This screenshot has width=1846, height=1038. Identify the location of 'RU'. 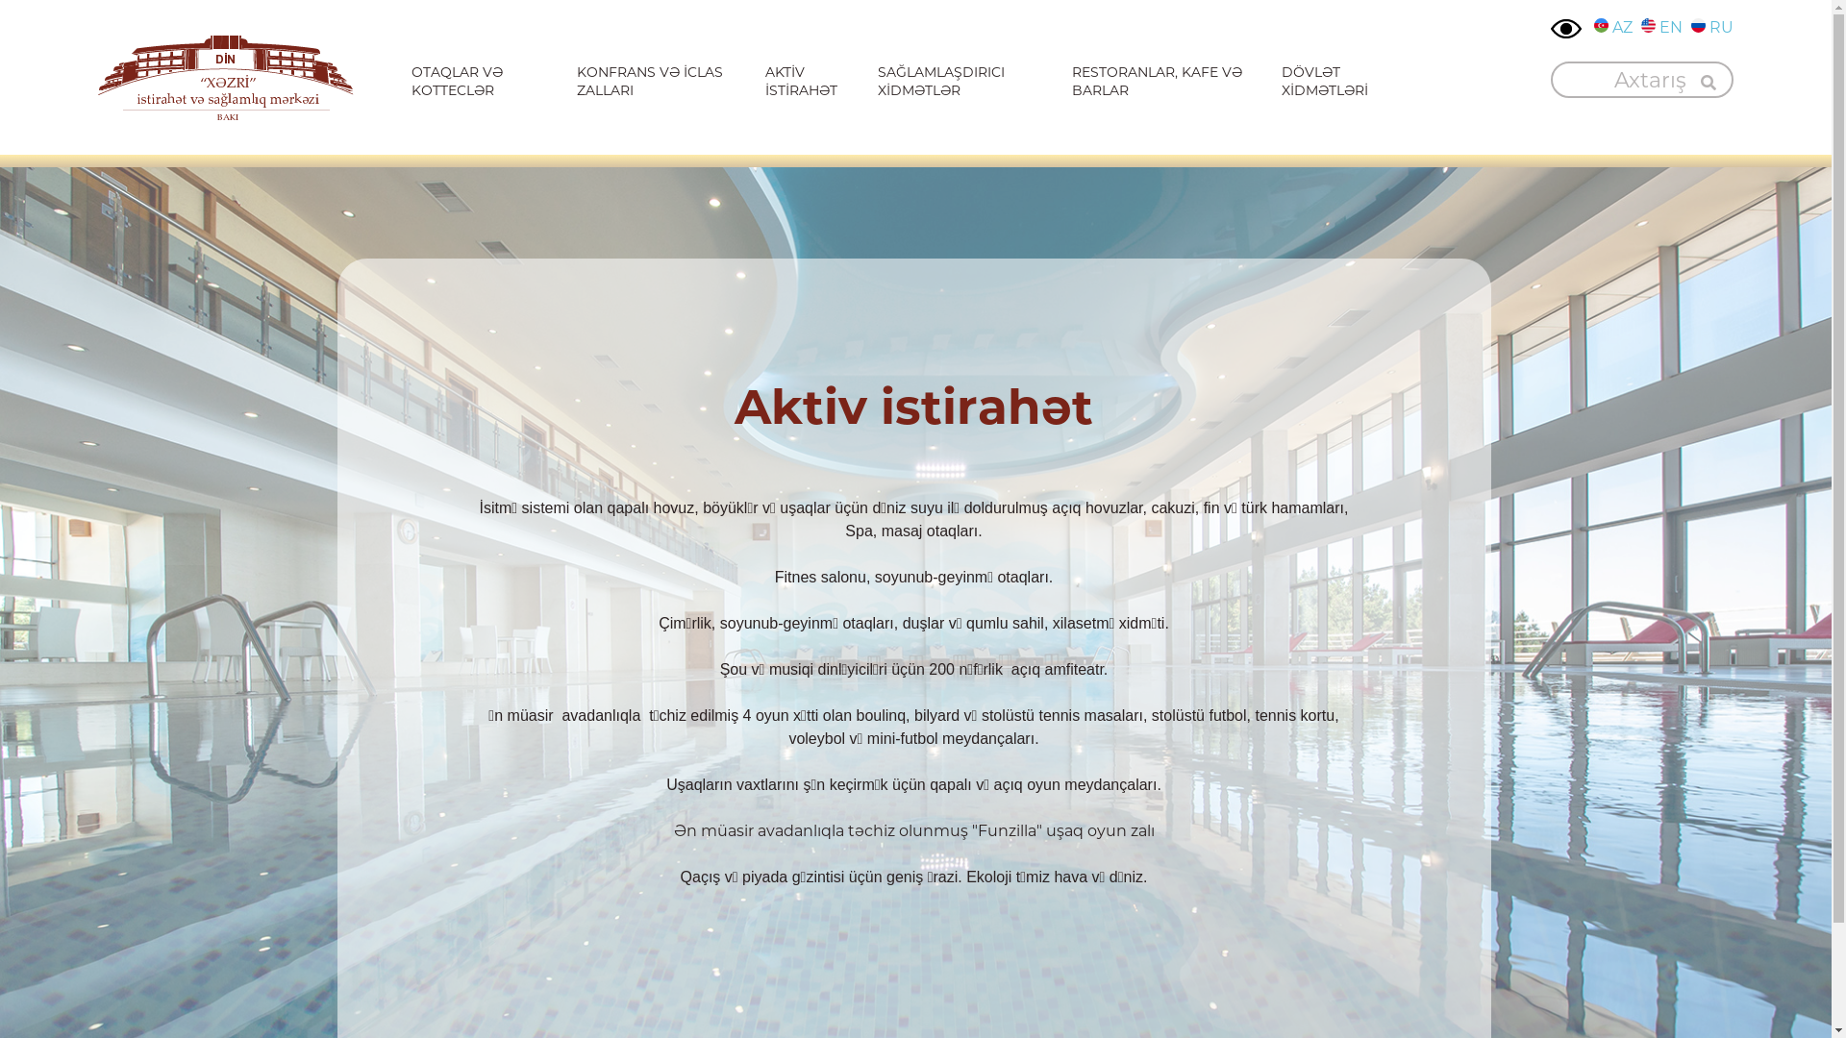
(1711, 28).